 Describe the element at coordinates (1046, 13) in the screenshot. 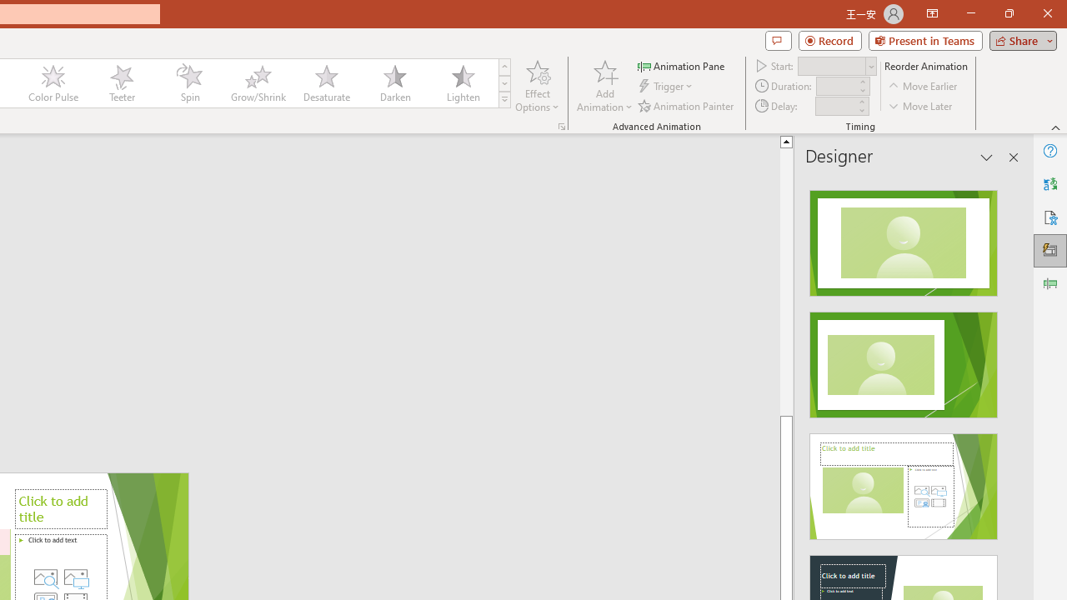

I see `'Close'` at that location.